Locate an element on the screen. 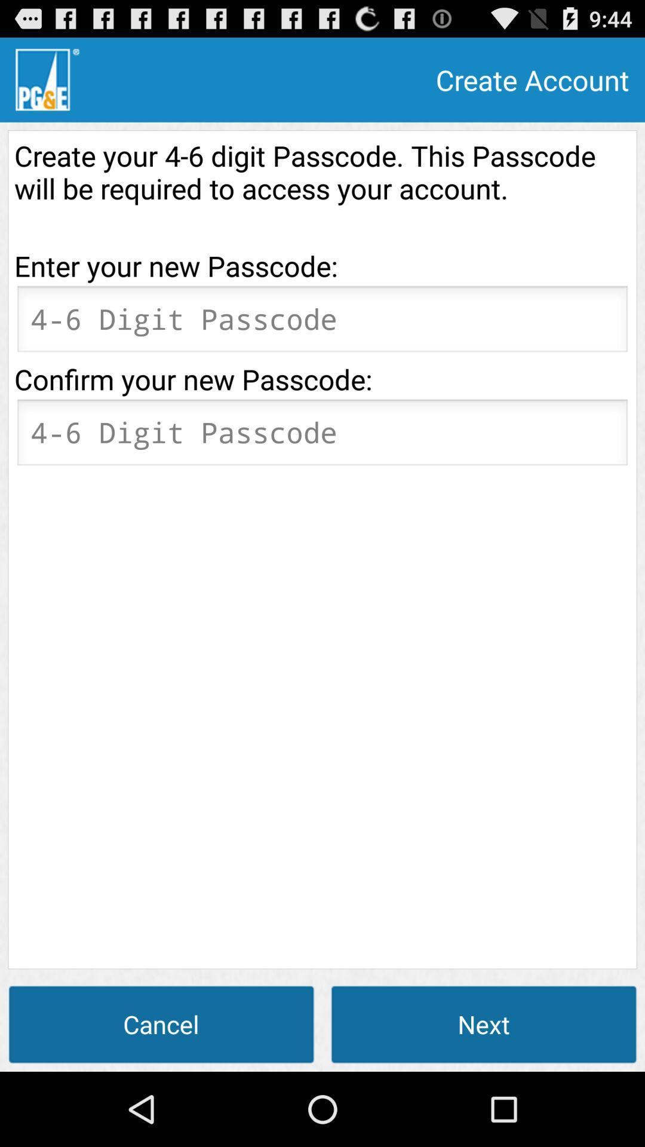 Image resolution: width=645 pixels, height=1147 pixels. the next item is located at coordinates (484, 1023).